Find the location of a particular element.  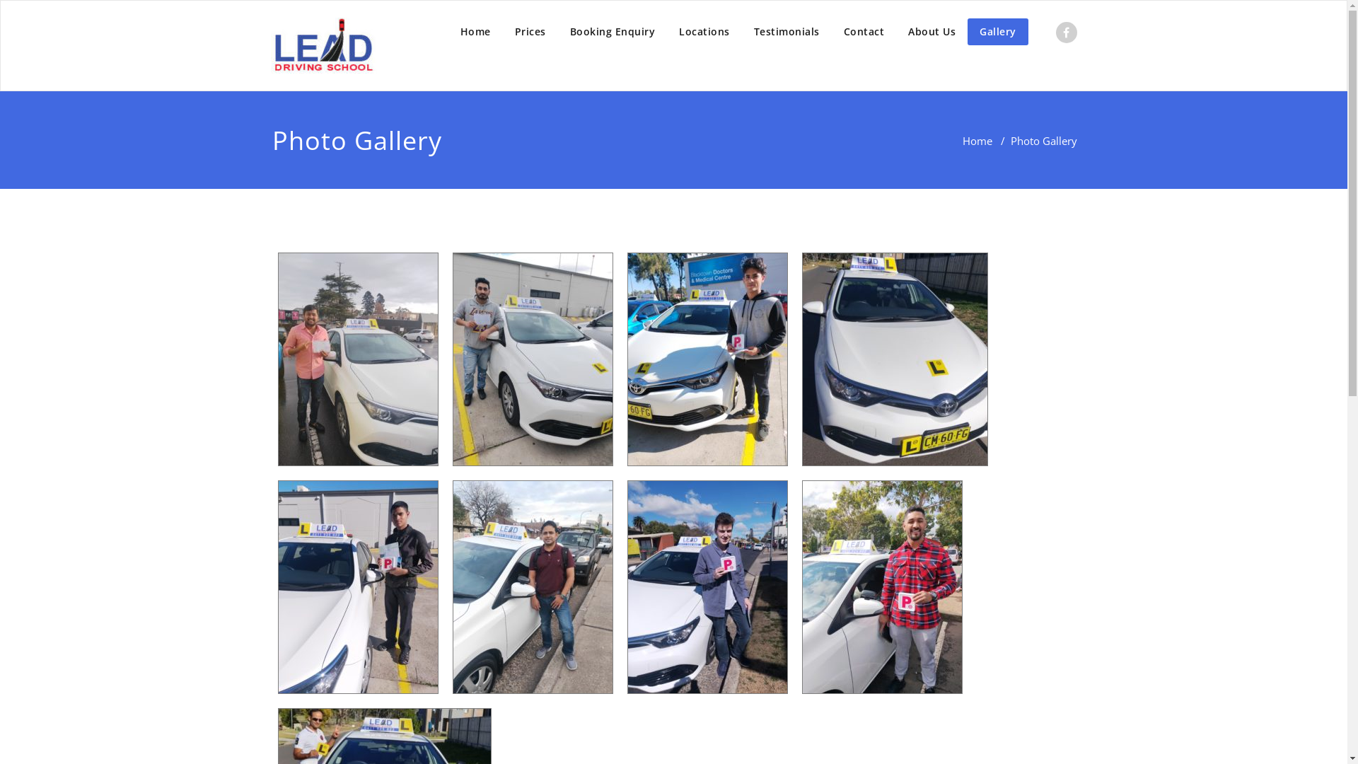

'Home' is located at coordinates (961, 141).